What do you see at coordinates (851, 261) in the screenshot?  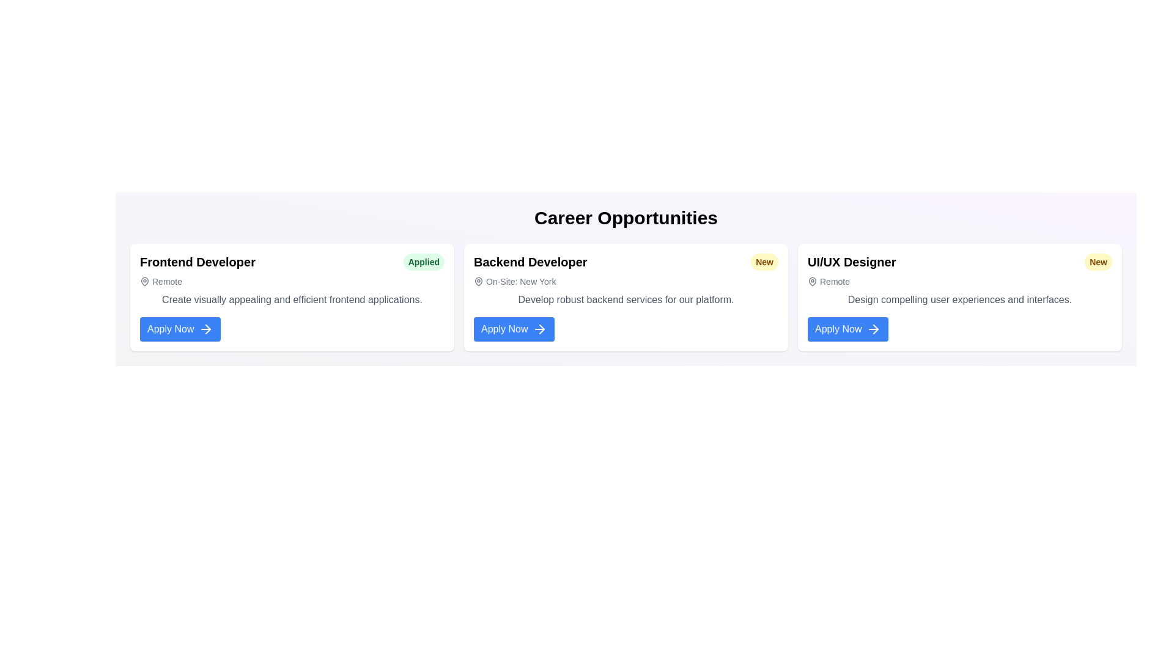 I see `the text label displaying 'UI/UX Designer' in bold typography located in the top-left corner of the third card under the 'Career Opportunities' section` at bounding box center [851, 261].